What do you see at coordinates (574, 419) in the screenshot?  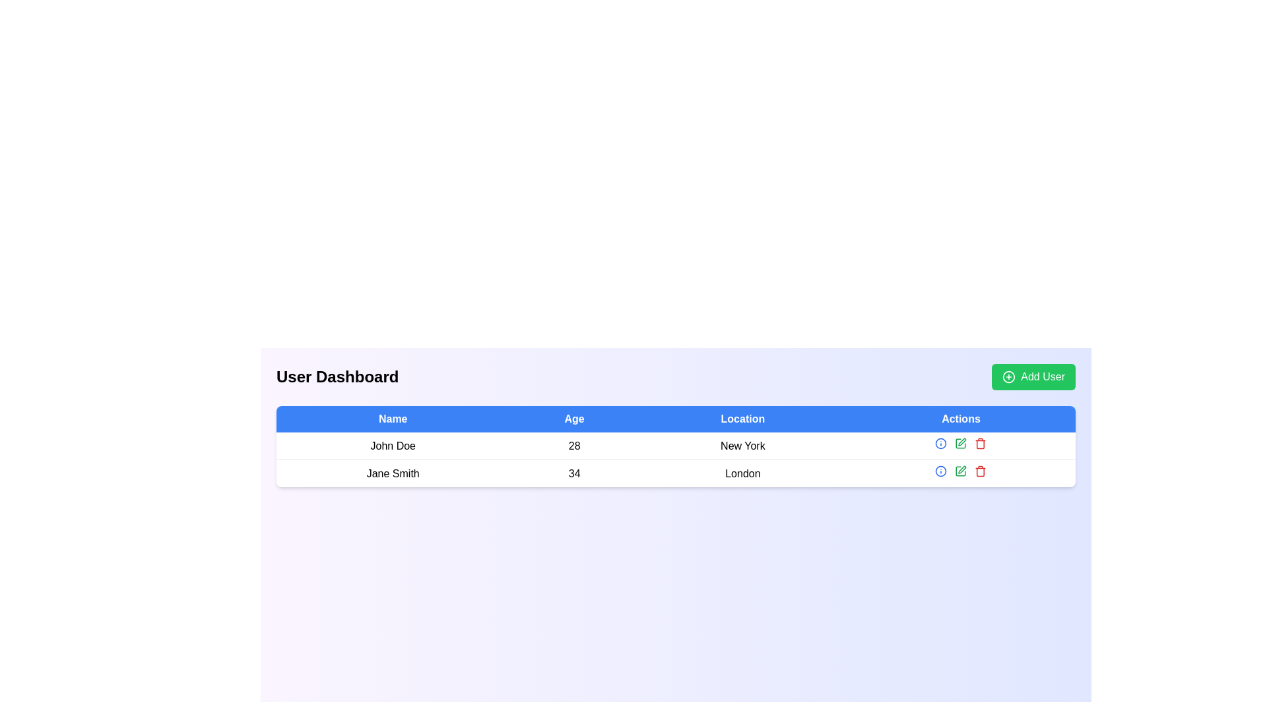 I see `the 'Age' text label header, which is the second column header in the table, styled with a centered white font on a blue background, to interact with it` at bounding box center [574, 419].